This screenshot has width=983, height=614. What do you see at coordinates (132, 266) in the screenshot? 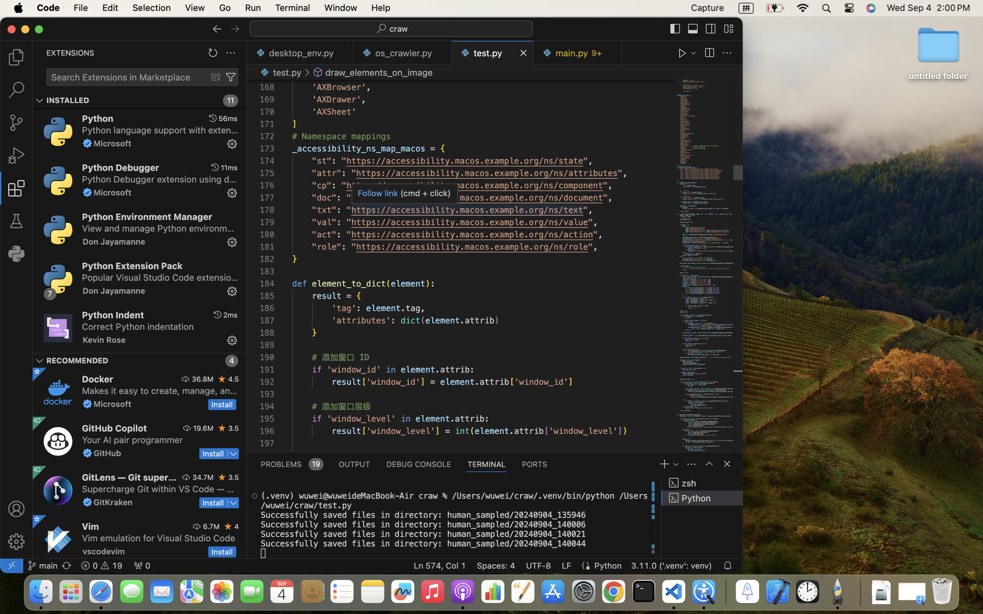
I see `'Python Extension Pack'` at bounding box center [132, 266].